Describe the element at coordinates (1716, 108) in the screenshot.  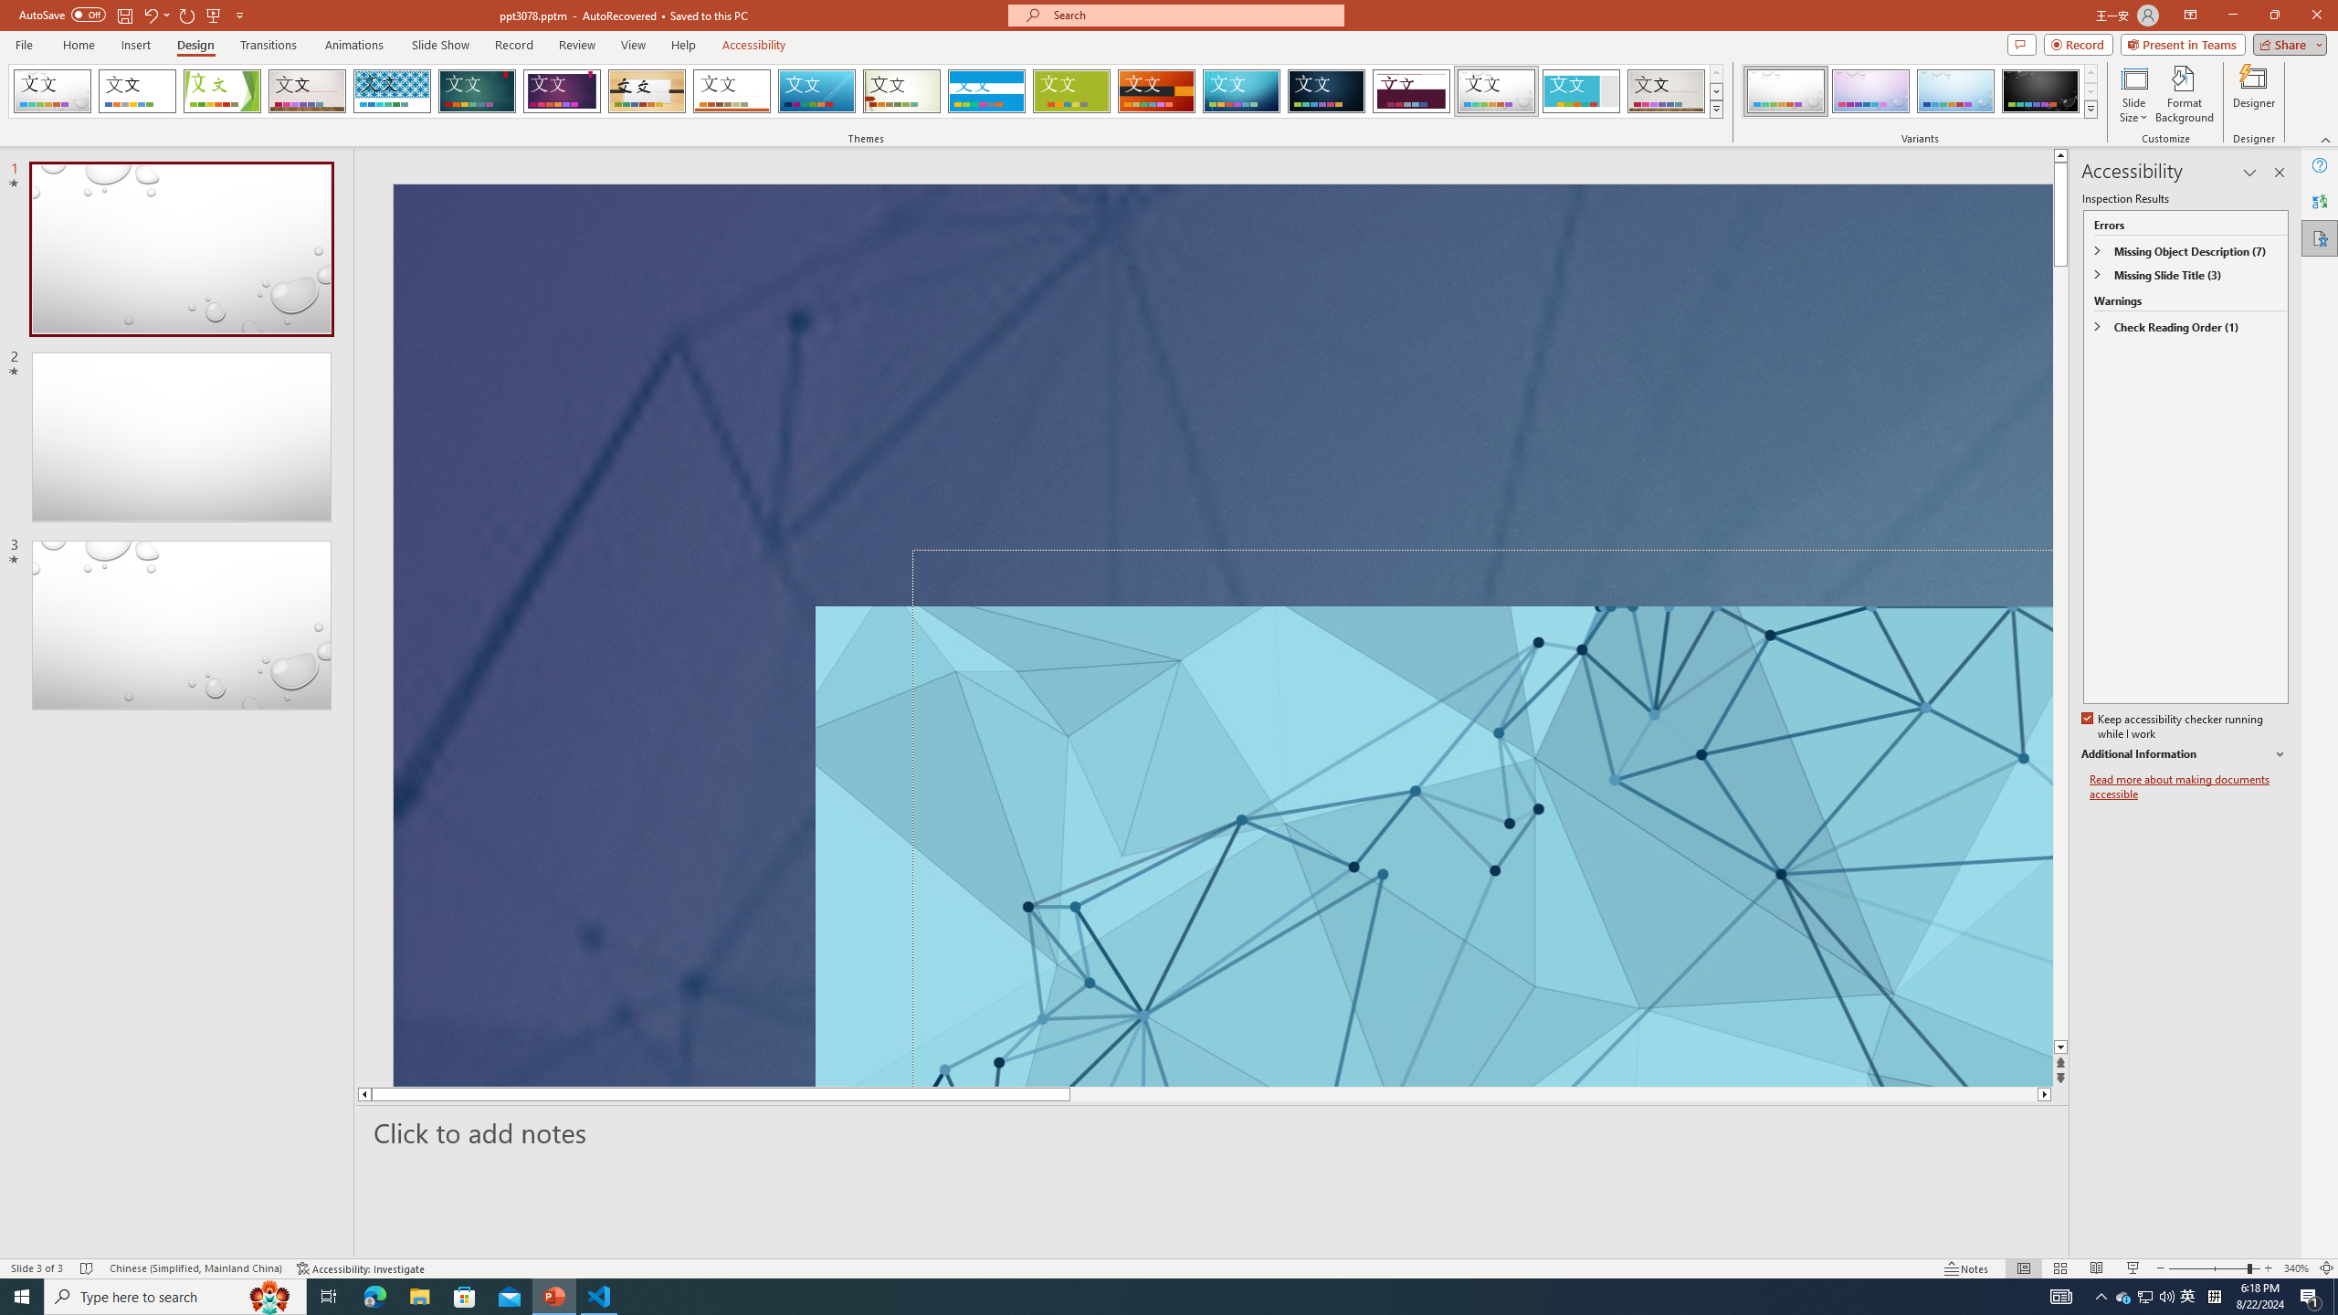
I see `'Themes'` at that location.